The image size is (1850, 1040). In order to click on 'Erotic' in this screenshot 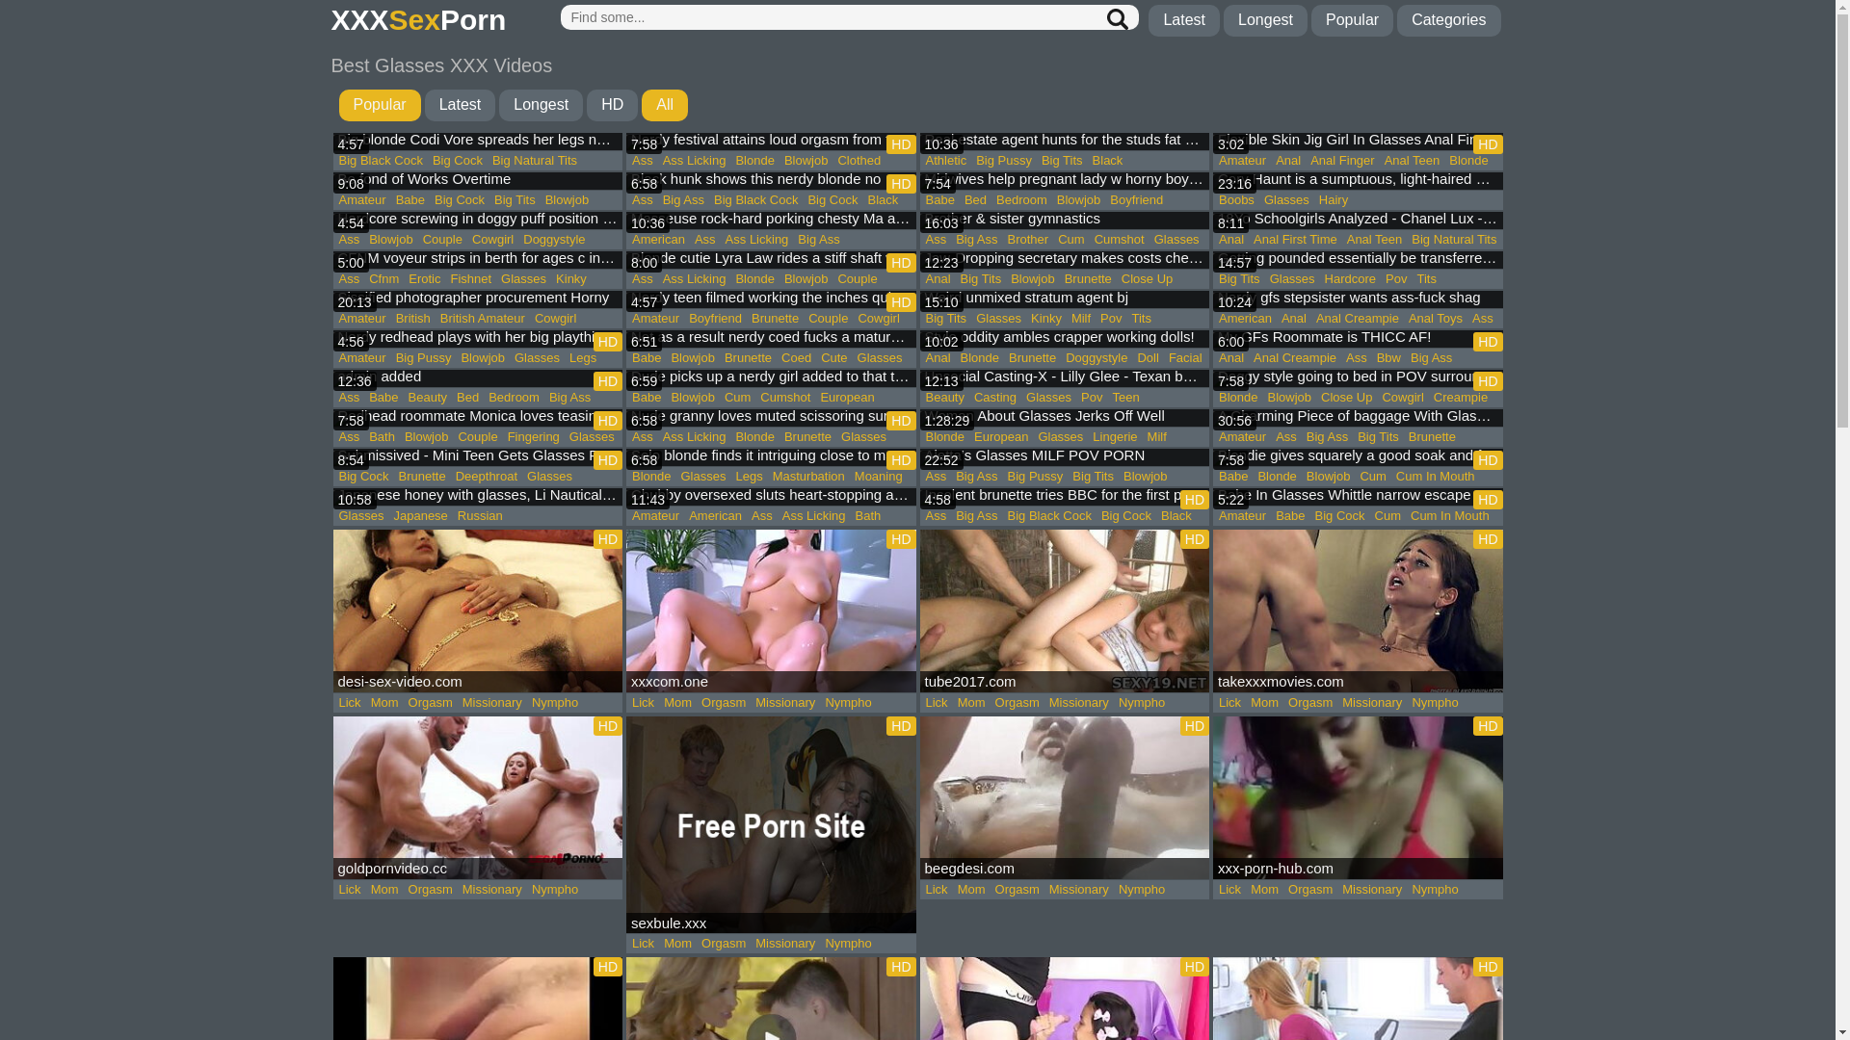, I will do `click(423, 278)`.